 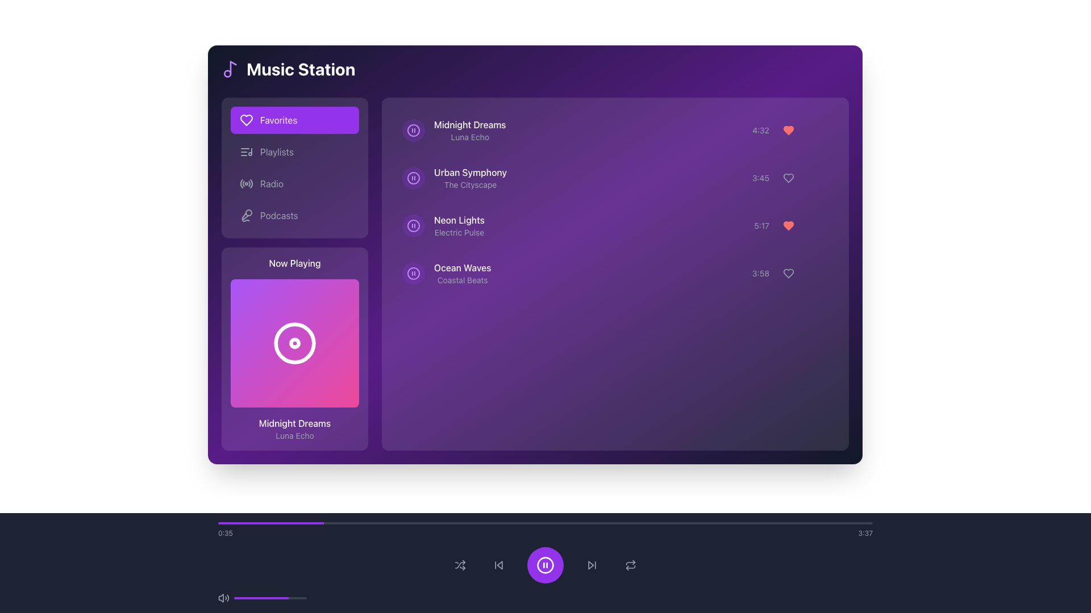 What do you see at coordinates (245, 151) in the screenshot?
I see `the 'Playlists' icon element located in the sidebar menu, which visually indicates the 'Playlists' menu item beneath 'Favorites'` at bounding box center [245, 151].